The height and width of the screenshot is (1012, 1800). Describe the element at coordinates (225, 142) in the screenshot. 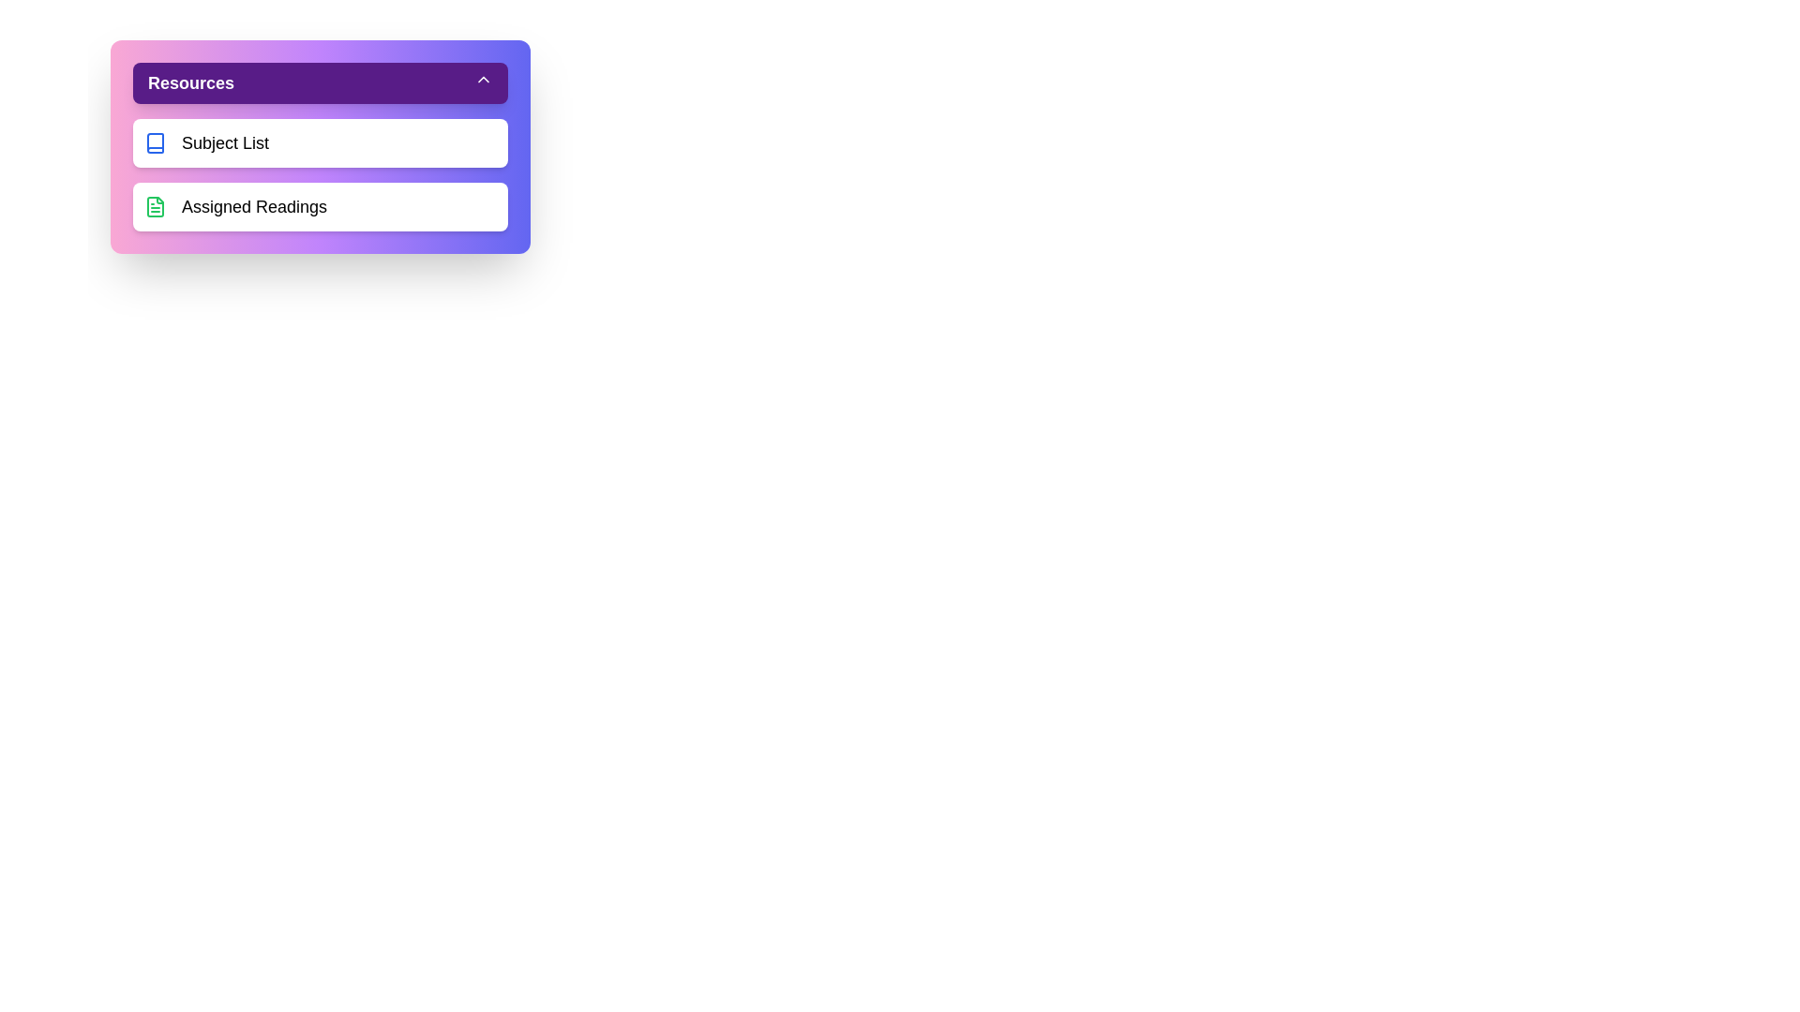

I see `the 'Subject List' text label located within the 'Resources' panel, which is positioned above 'Assigned Readings' and next to a book icon` at that location.